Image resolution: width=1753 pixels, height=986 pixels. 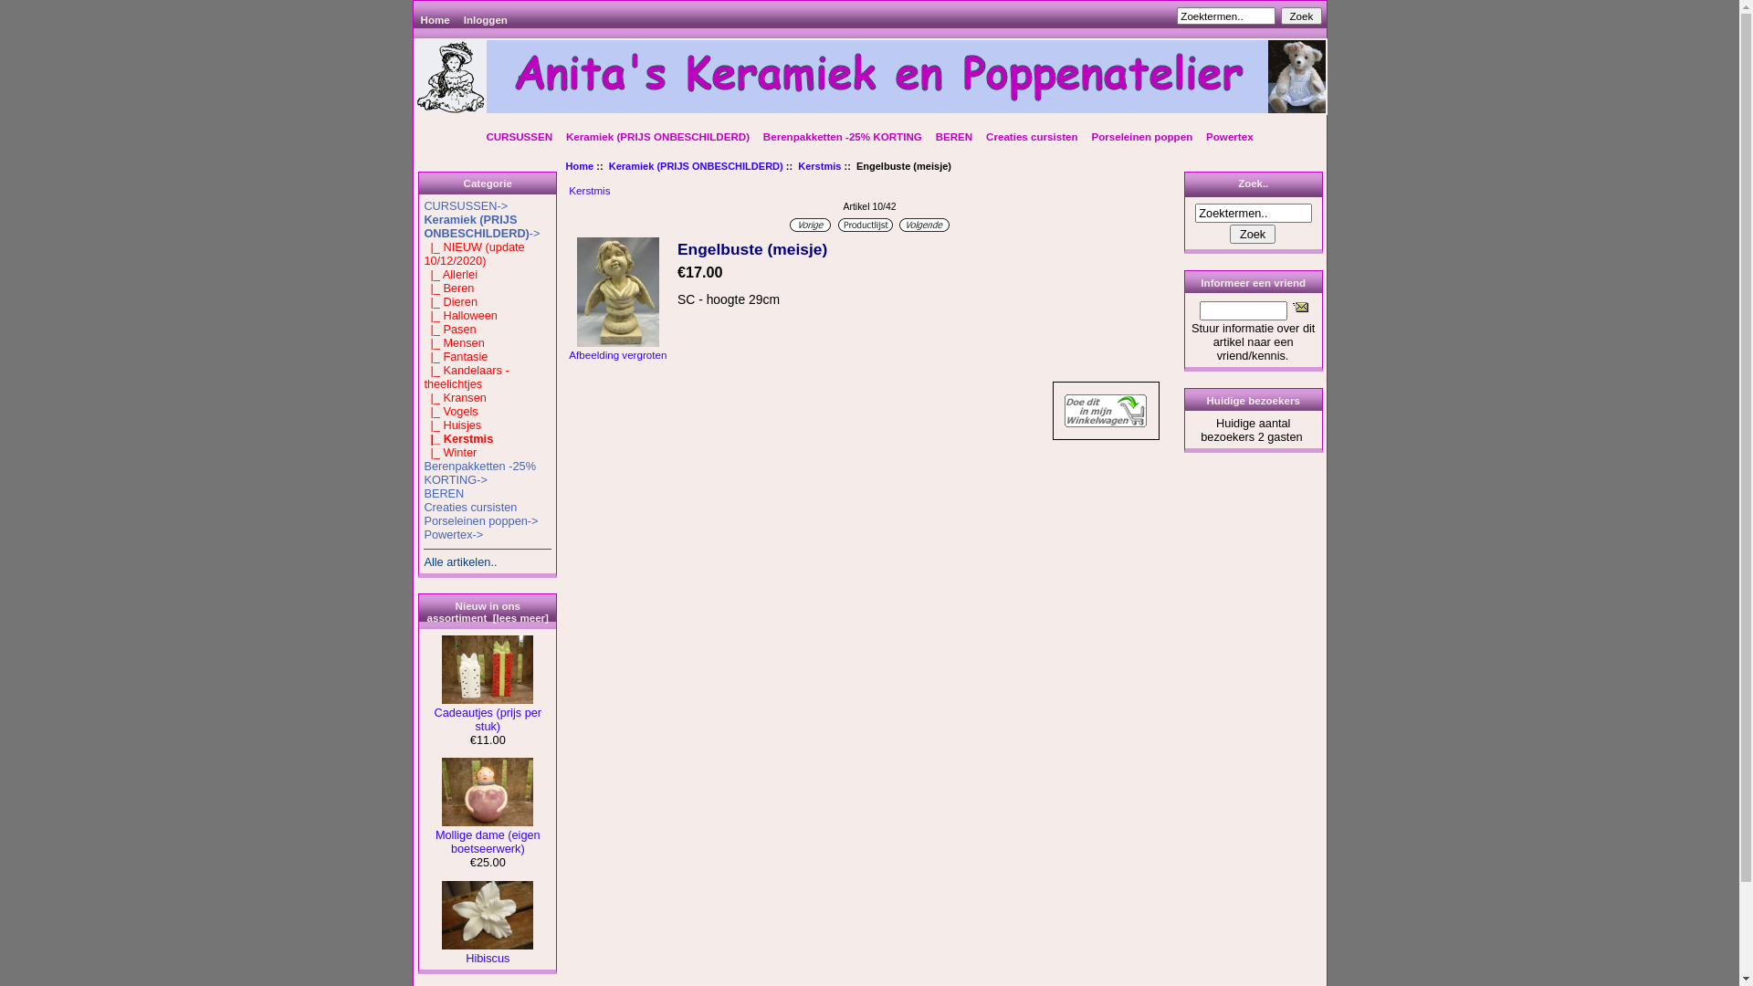 I want to click on 'Keramiek (PRIJS ONBESCHILDERD)', so click(x=657, y=135).